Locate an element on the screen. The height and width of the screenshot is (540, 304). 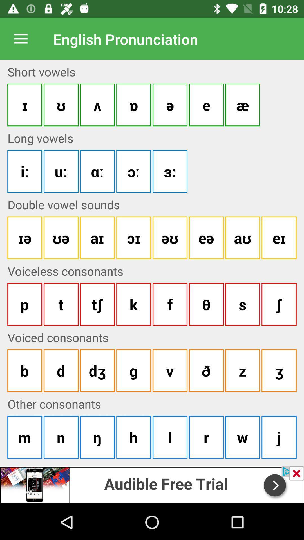
the text g on the web page is located at coordinates (133, 371).